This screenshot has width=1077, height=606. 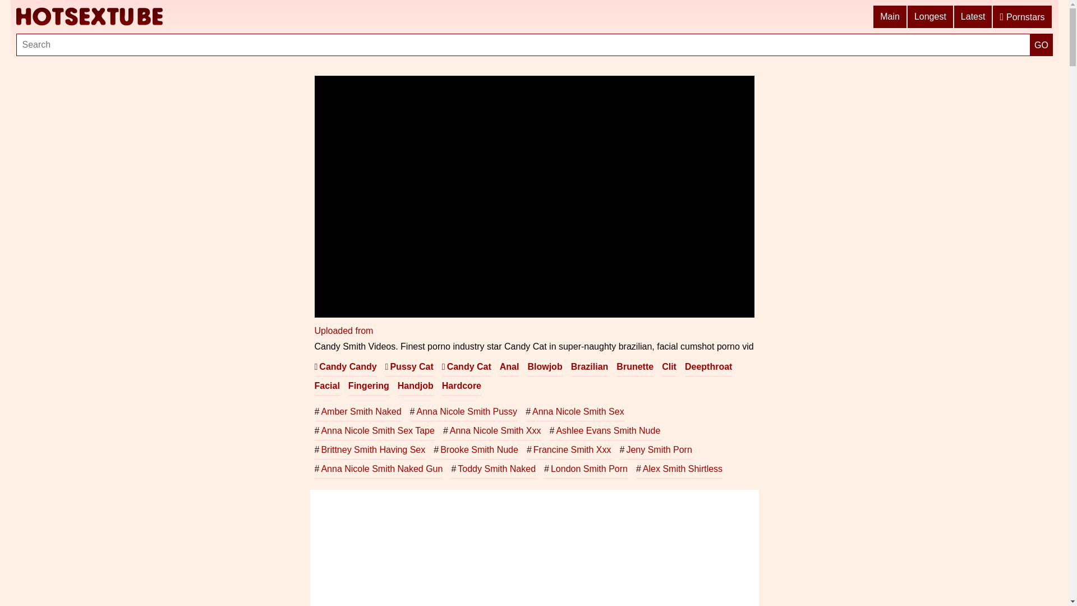 What do you see at coordinates (374, 430) in the screenshot?
I see `'Anna Nicole Smith Sex Tape'` at bounding box center [374, 430].